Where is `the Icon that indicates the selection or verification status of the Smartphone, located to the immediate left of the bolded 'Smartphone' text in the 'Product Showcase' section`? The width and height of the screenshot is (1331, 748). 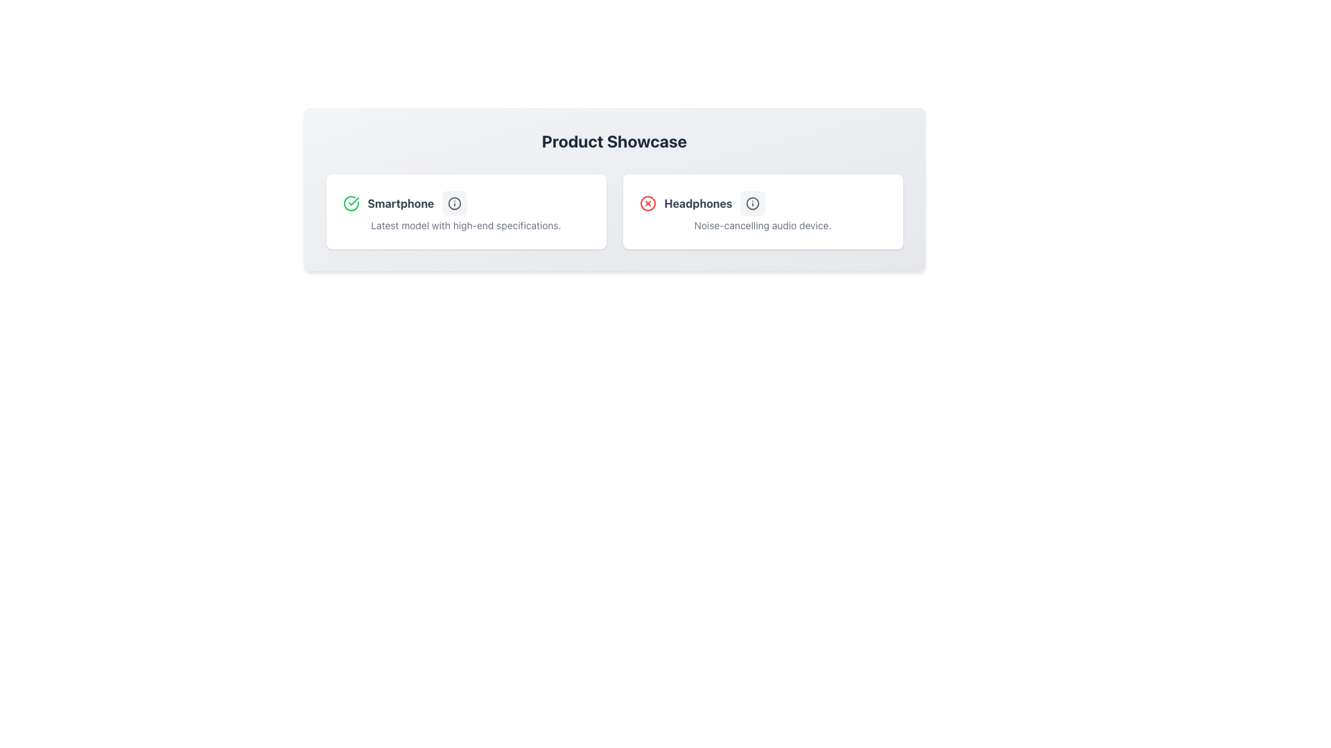 the Icon that indicates the selection or verification status of the Smartphone, located to the immediate left of the bolded 'Smartphone' text in the 'Product Showcase' section is located at coordinates (351, 203).